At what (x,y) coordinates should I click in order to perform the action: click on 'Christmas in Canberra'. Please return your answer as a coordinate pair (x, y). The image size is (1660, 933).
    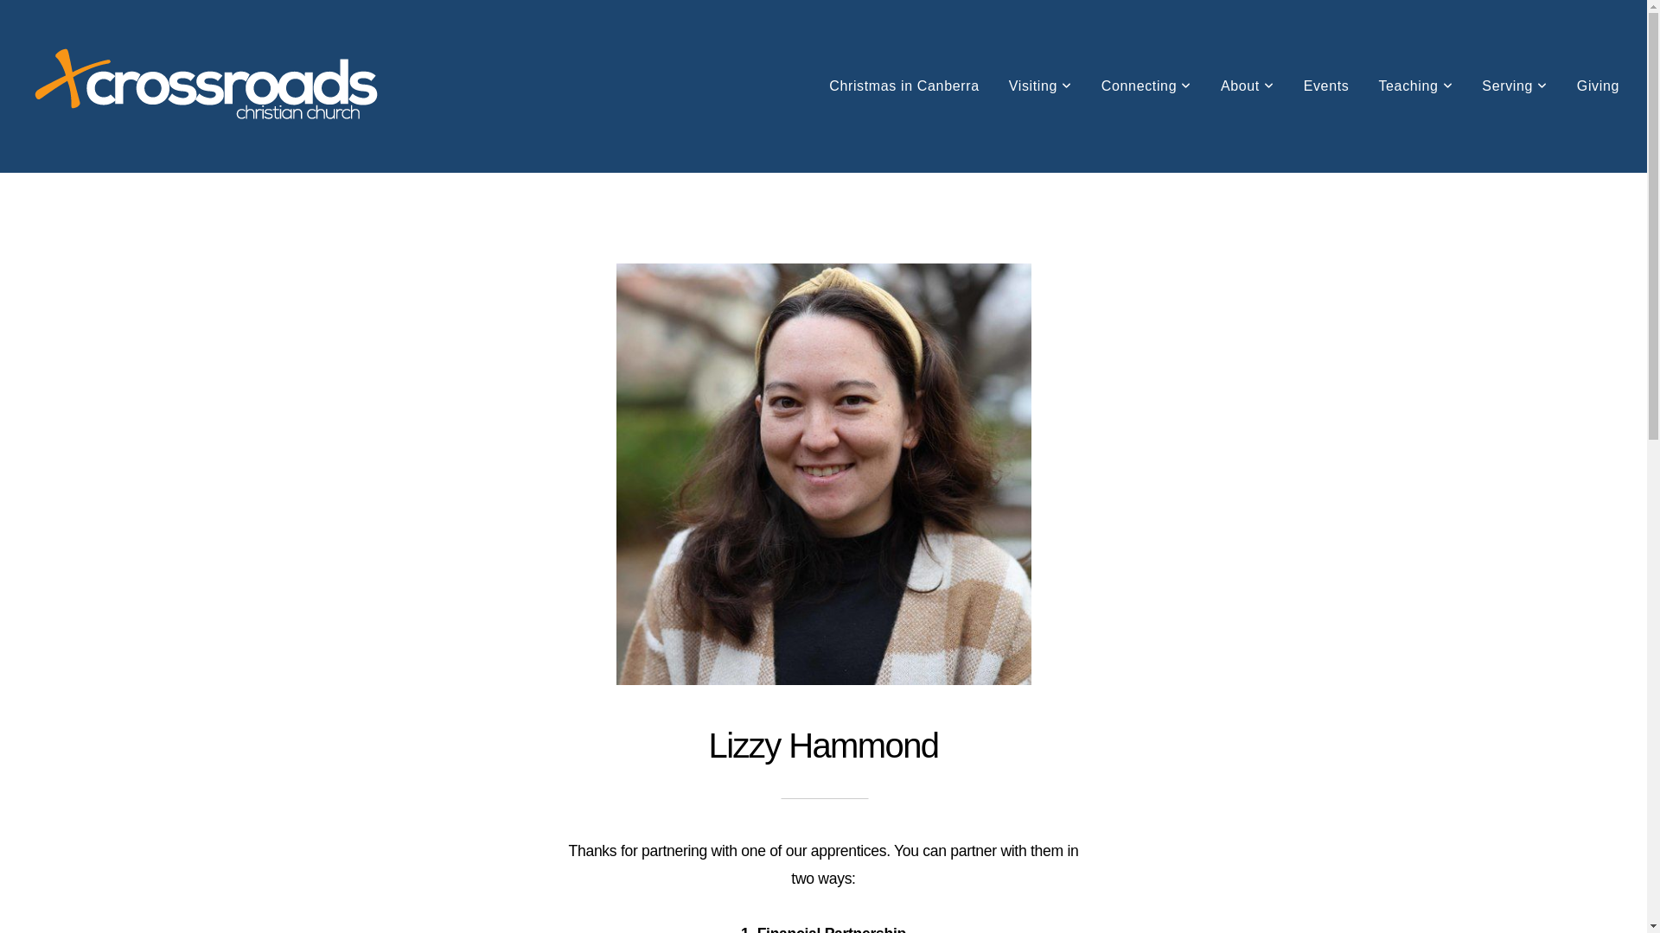
    Looking at the image, I should click on (815, 86).